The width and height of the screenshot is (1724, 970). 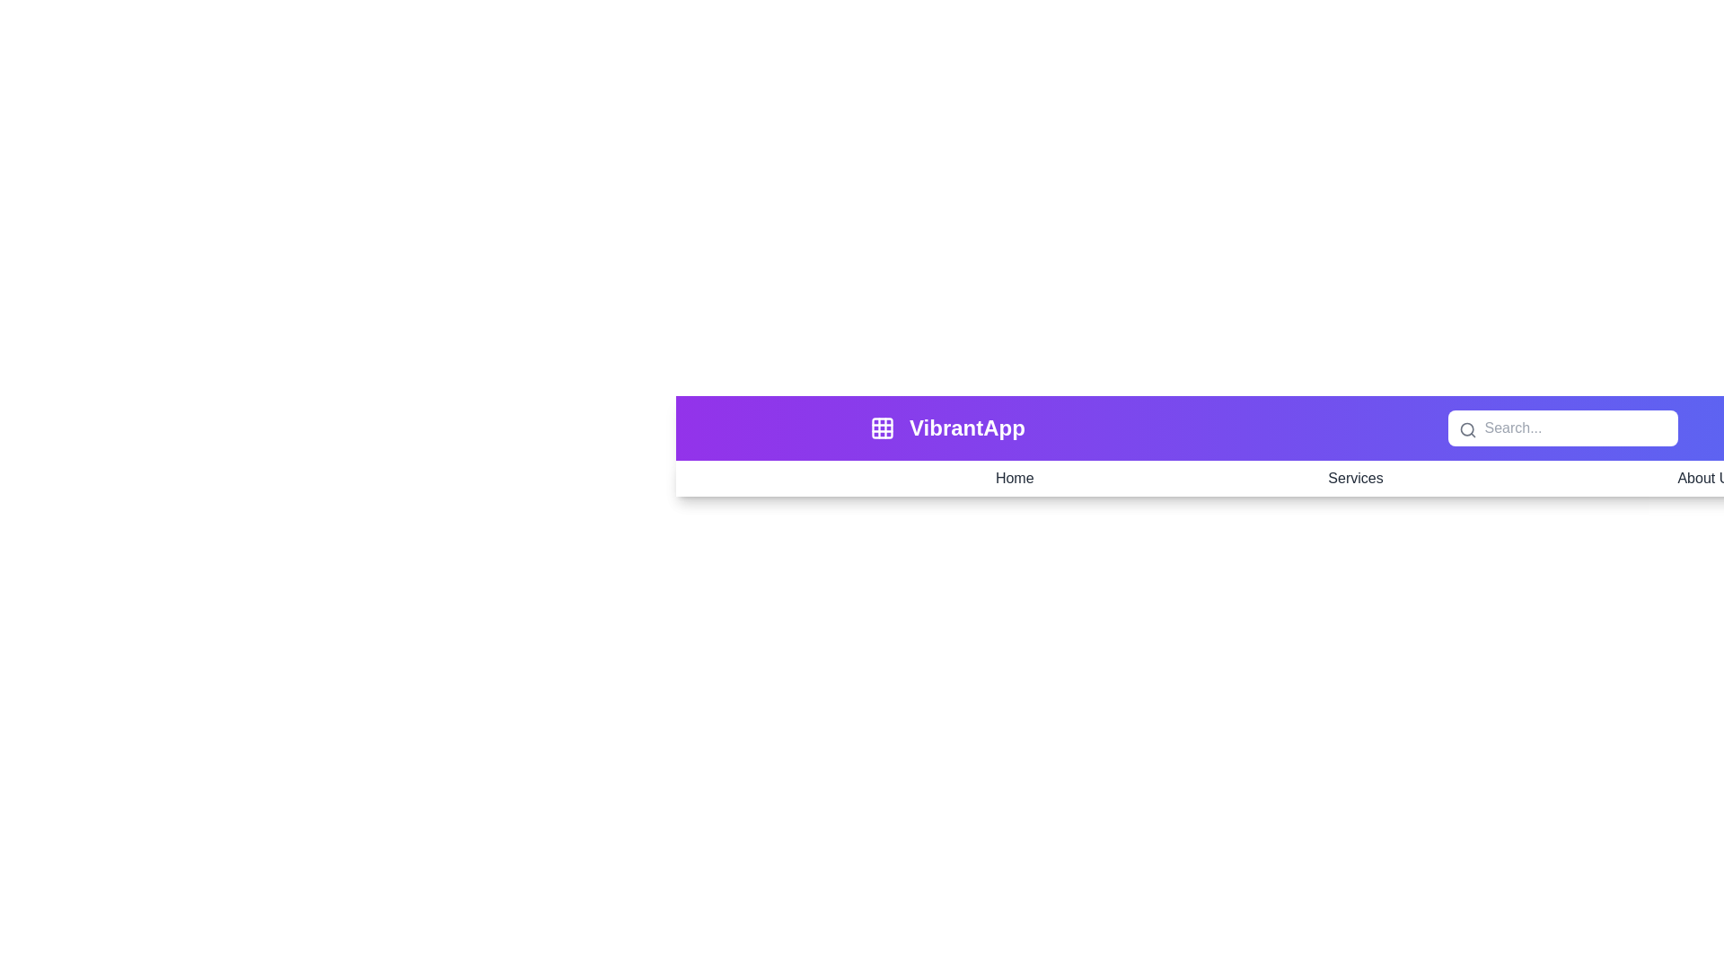 I want to click on the navigation item About Us, so click(x=1706, y=477).